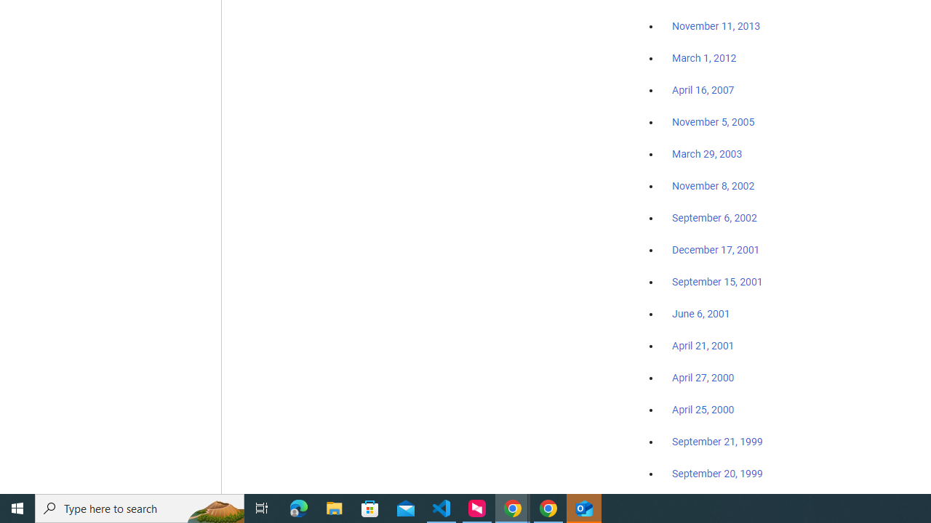 This screenshot has width=931, height=523. Describe the element at coordinates (703, 346) in the screenshot. I see `'April 21, 2001'` at that location.